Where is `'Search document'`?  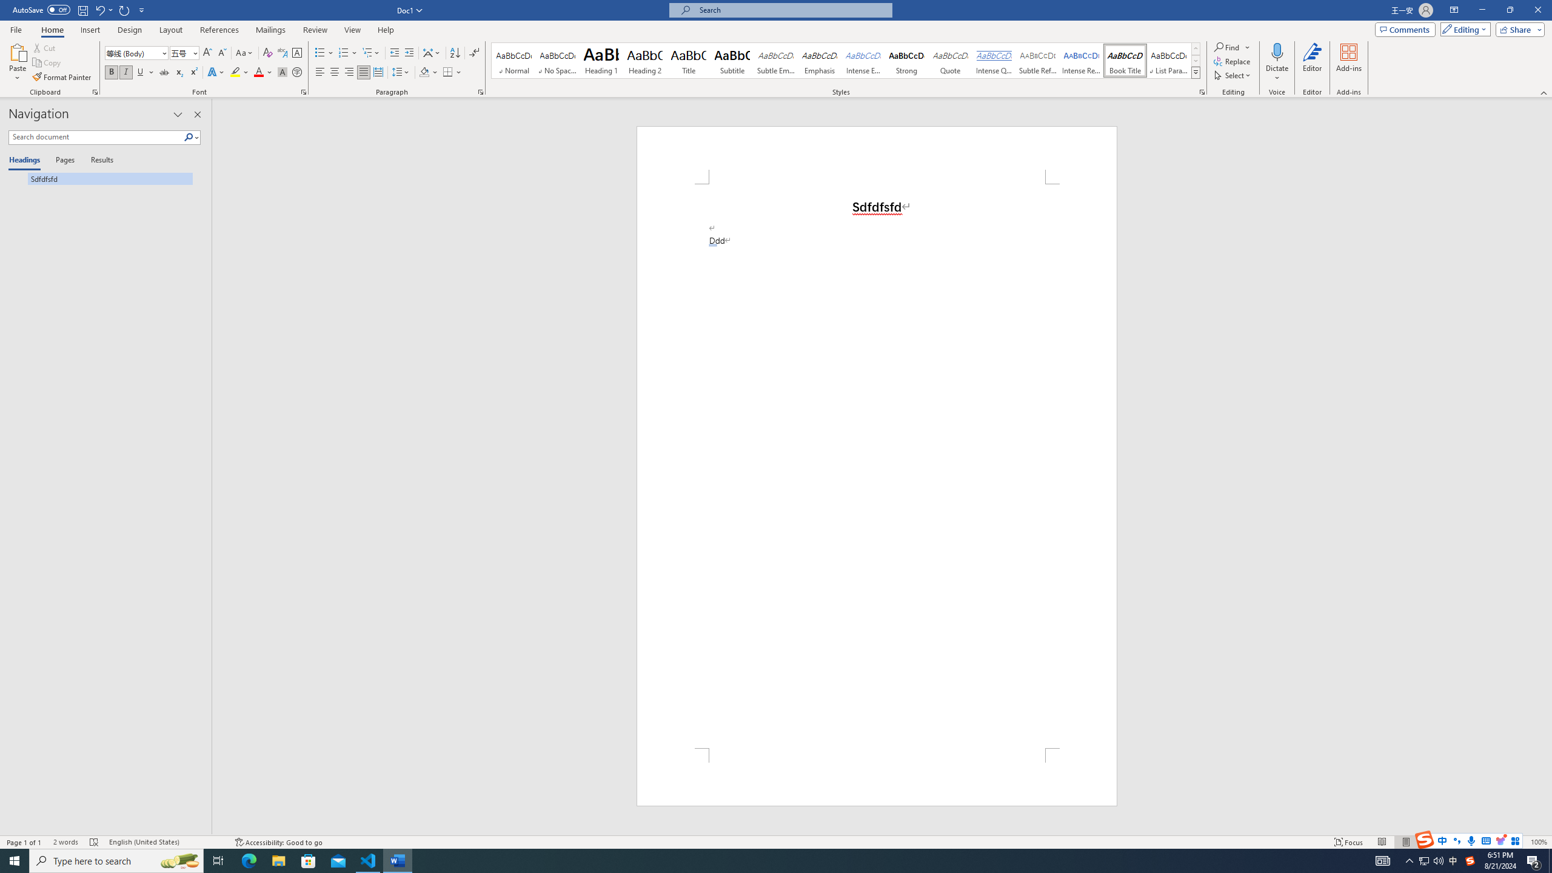
'Search document' is located at coordinates (96, 136).